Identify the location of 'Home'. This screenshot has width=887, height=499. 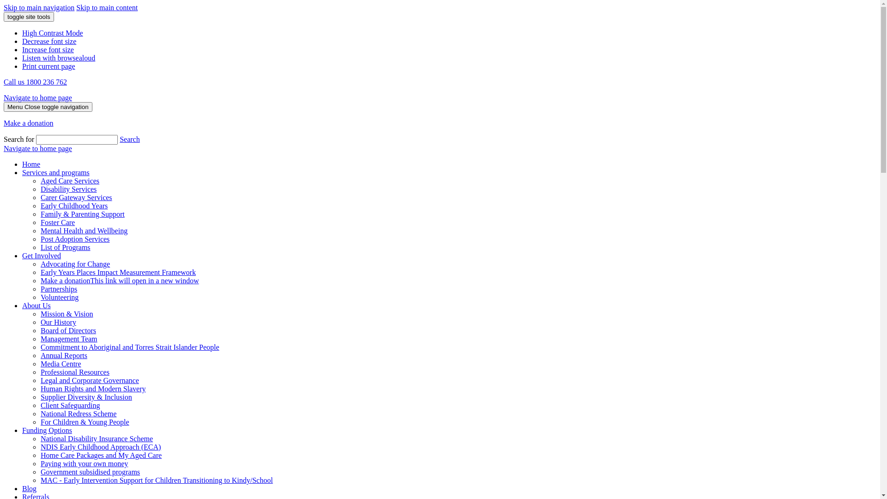
(31, 164).